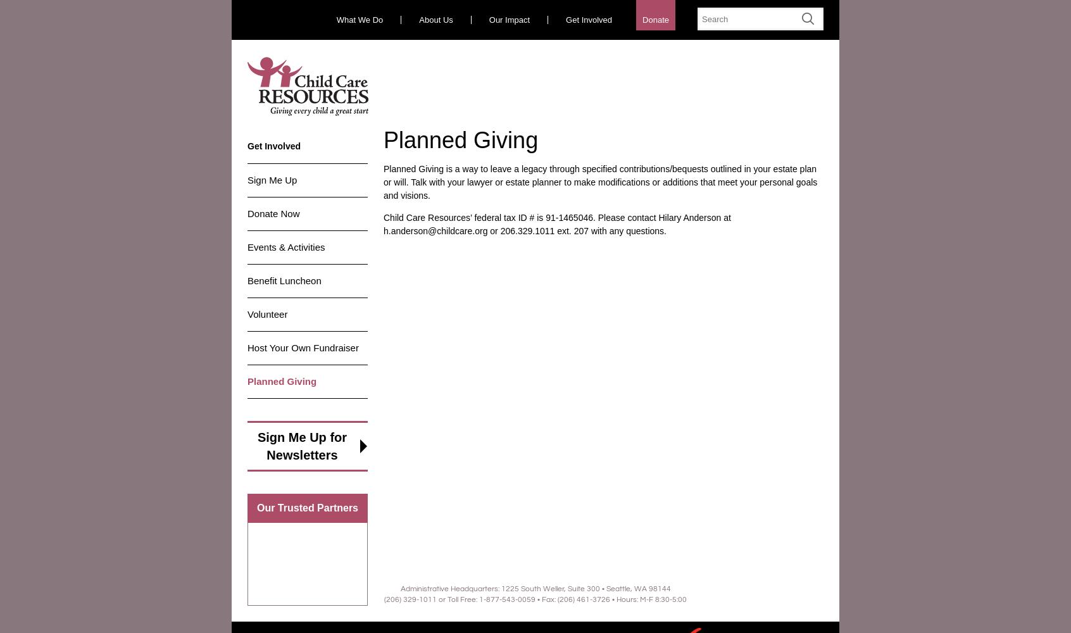 The width and height of the screenshot is (1071, 633). Describe the element at coordinates (271, 180) in the screenshot. I see `'Sign Me Up'` at that location.